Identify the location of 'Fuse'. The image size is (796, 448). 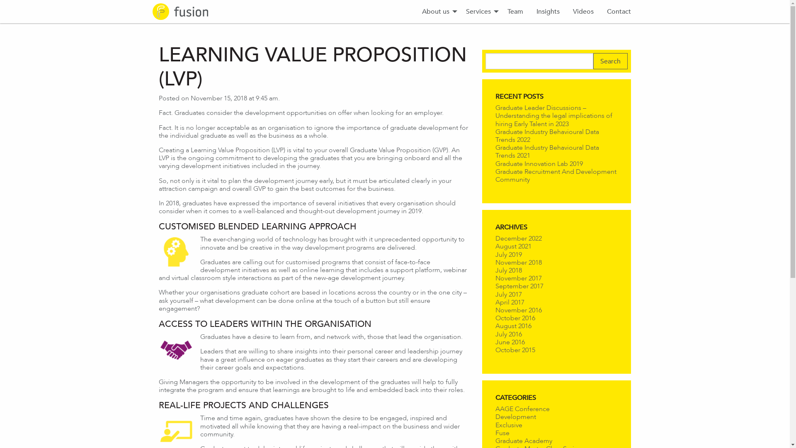
(495, 432).